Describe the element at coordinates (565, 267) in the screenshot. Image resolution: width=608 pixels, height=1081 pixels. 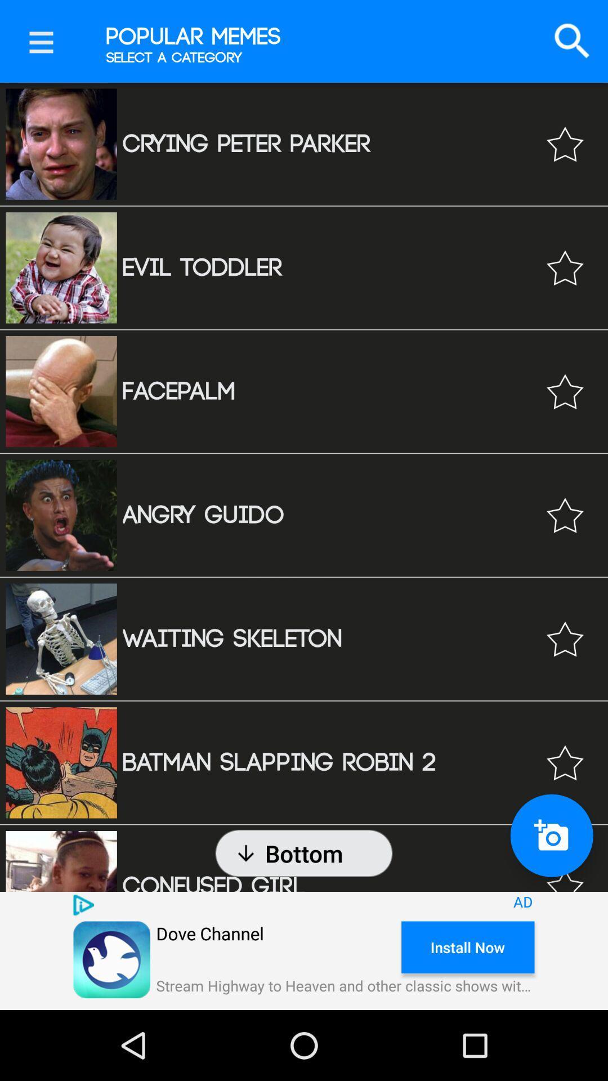
I see `the content` at that location.